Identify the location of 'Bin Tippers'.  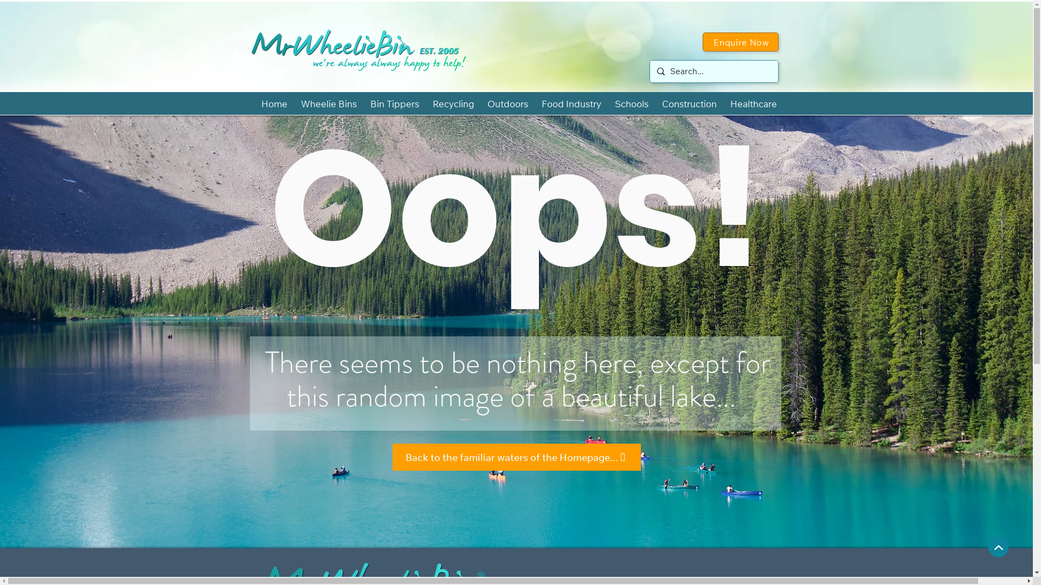
(394, 103).